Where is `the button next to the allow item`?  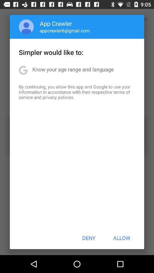 the button next to the allow item is located at coordinates (89, 238).